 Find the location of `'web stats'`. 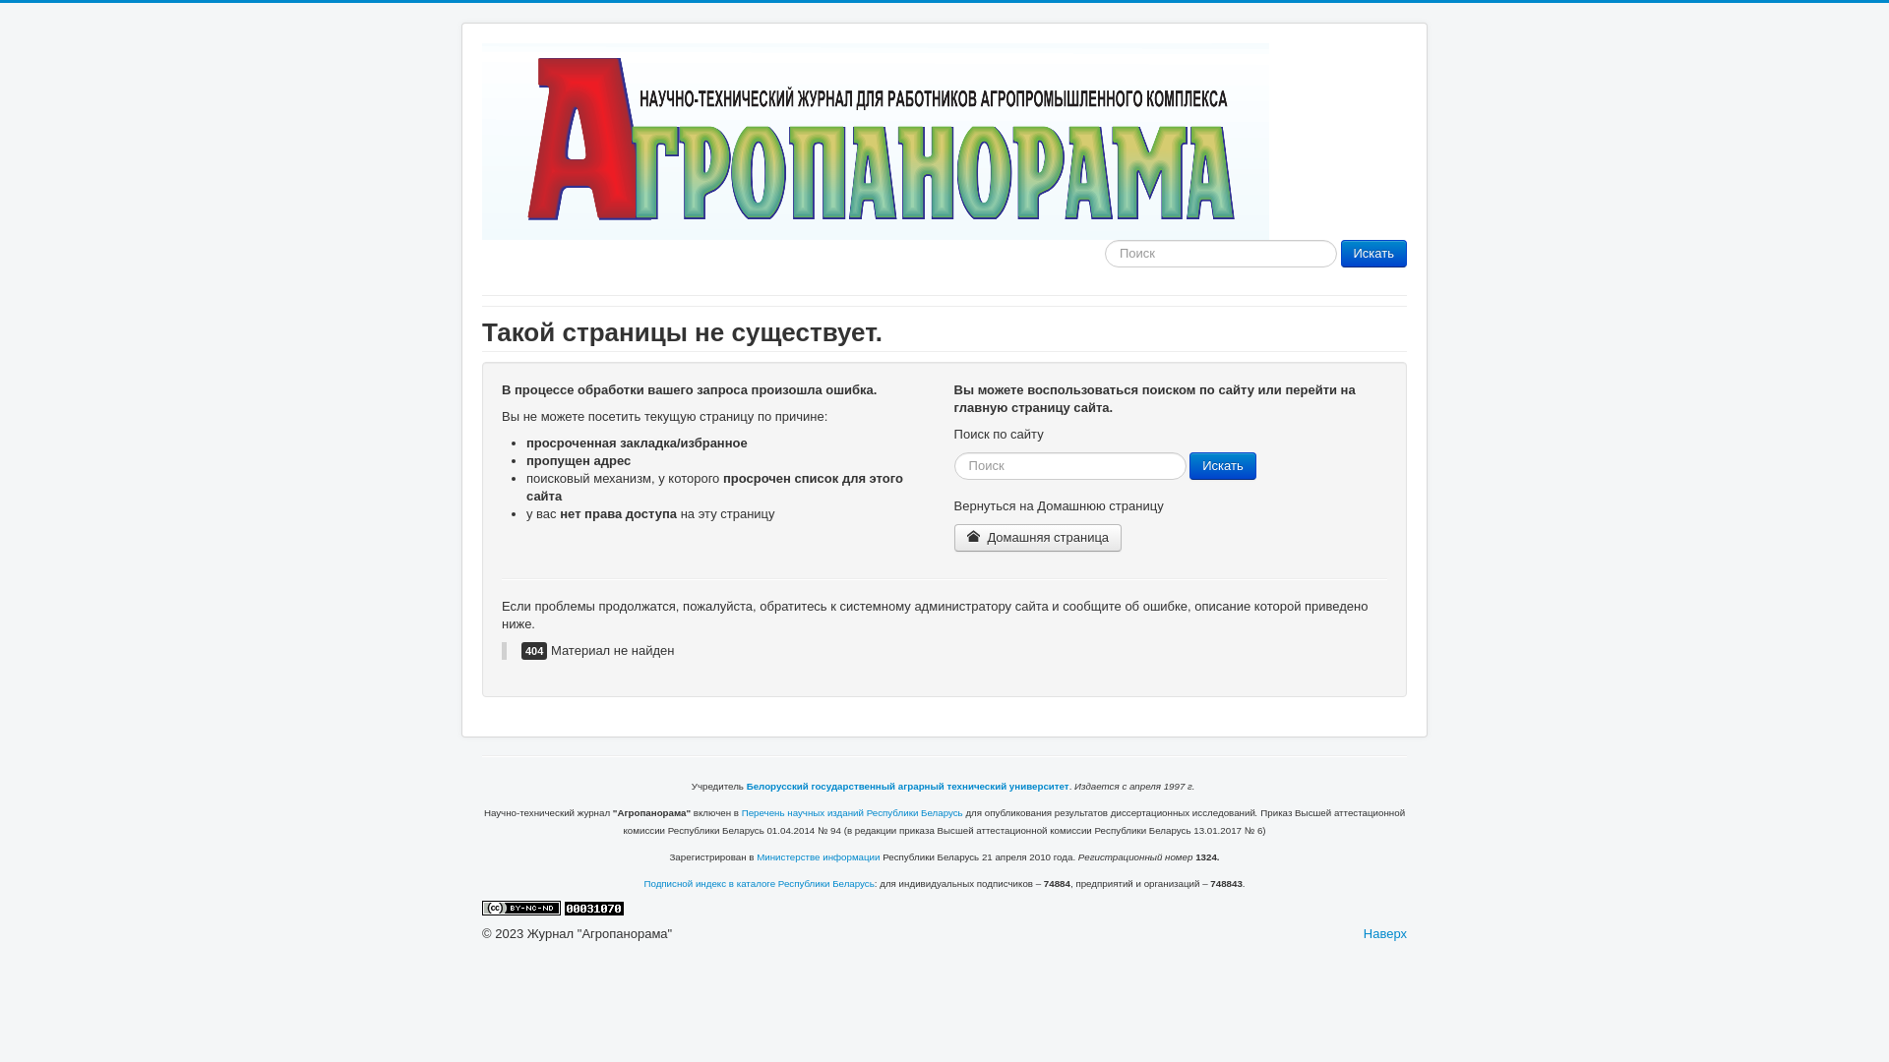

'web stats' is located at coordinates (593, 907).